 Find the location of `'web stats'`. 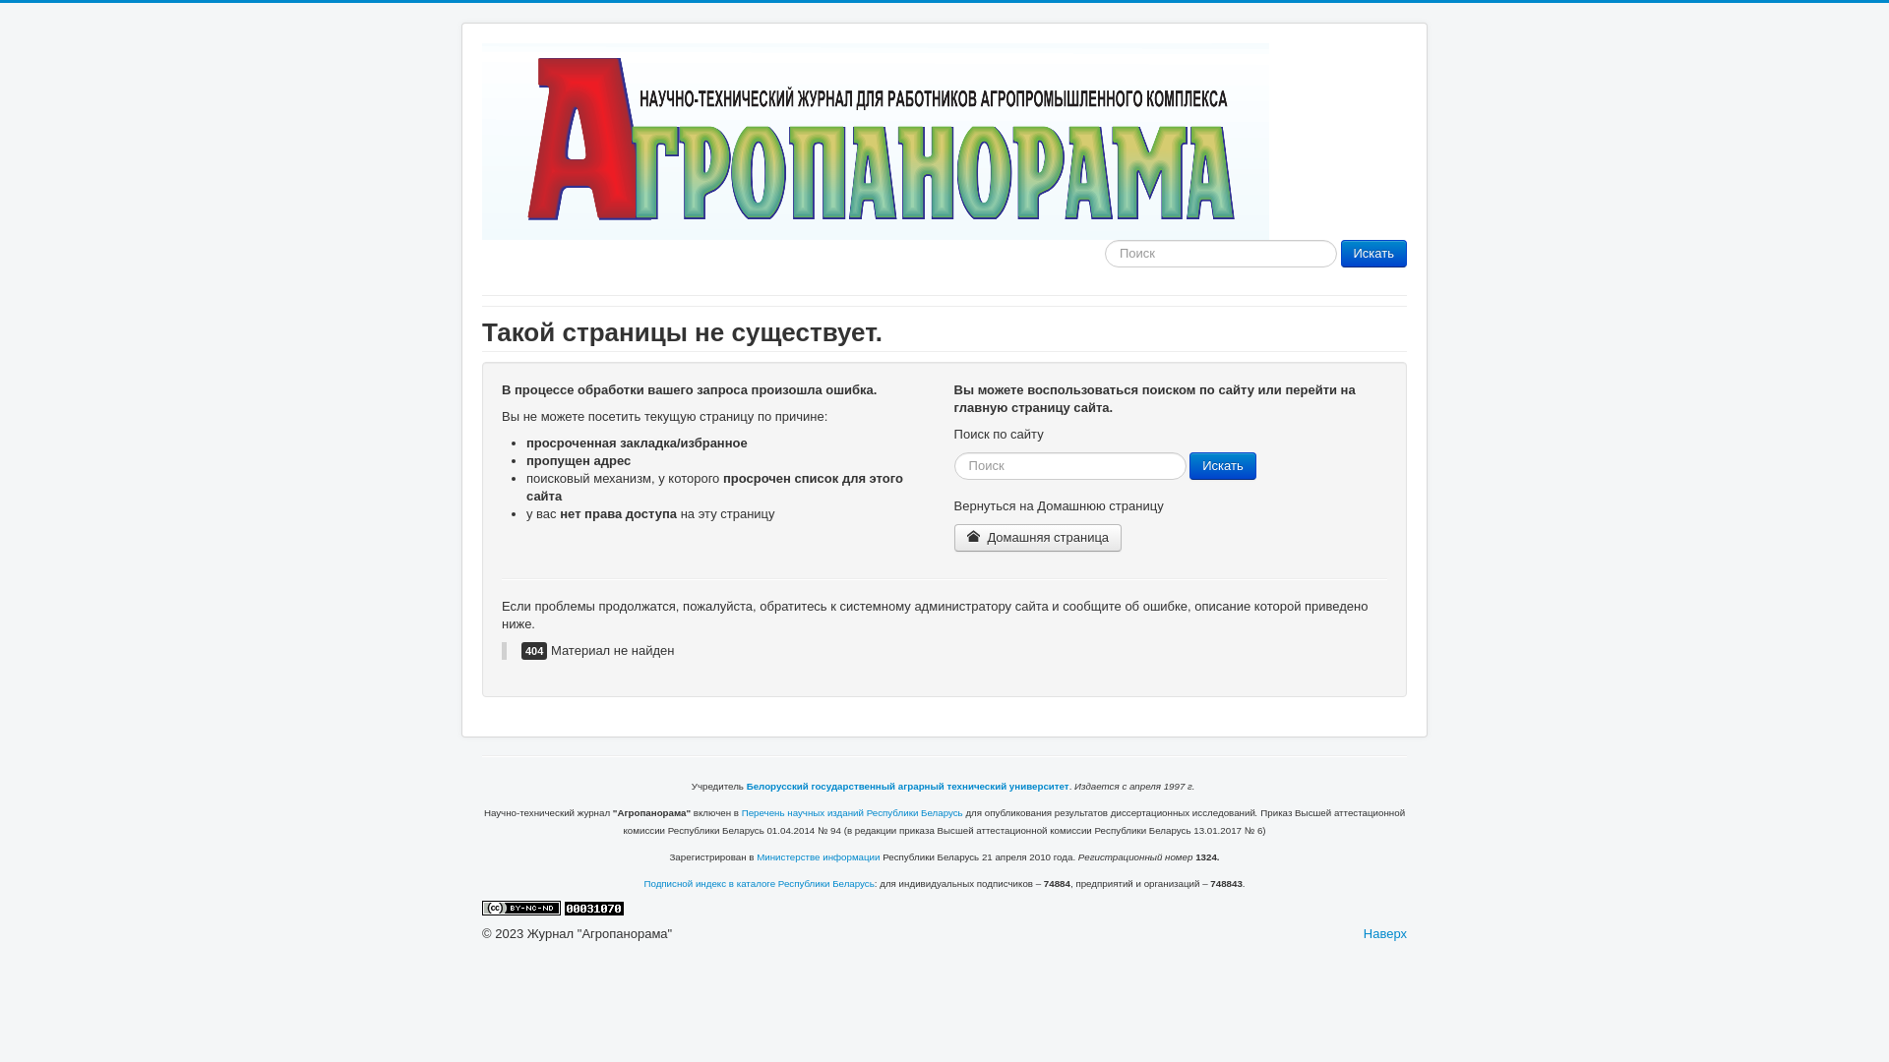

'web stats' is located at coordinates (593, 907).